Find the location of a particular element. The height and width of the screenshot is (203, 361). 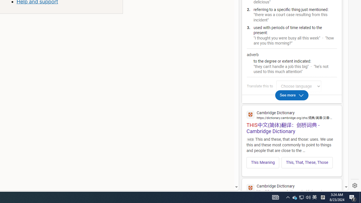

'This, That, These, Those' is located at coordinates (307, 162).